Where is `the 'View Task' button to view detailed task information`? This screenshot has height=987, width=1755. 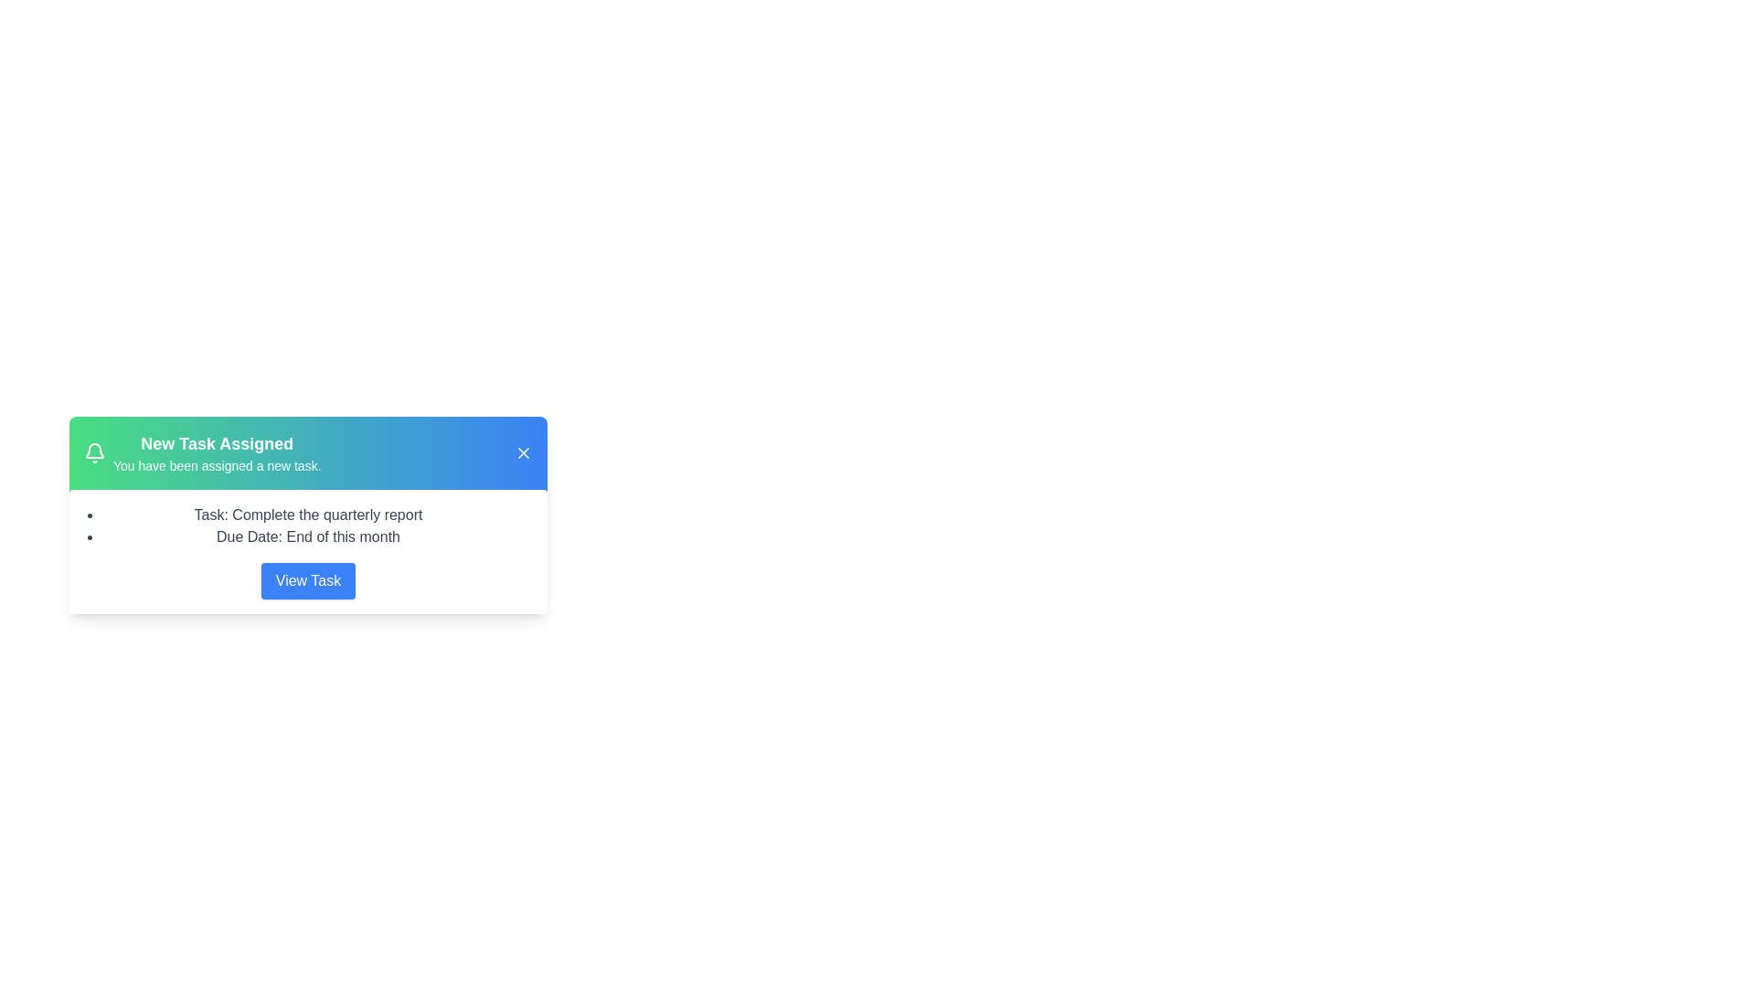 the 'View Task' button to view detailed task information is located at coordinates (307, 581).